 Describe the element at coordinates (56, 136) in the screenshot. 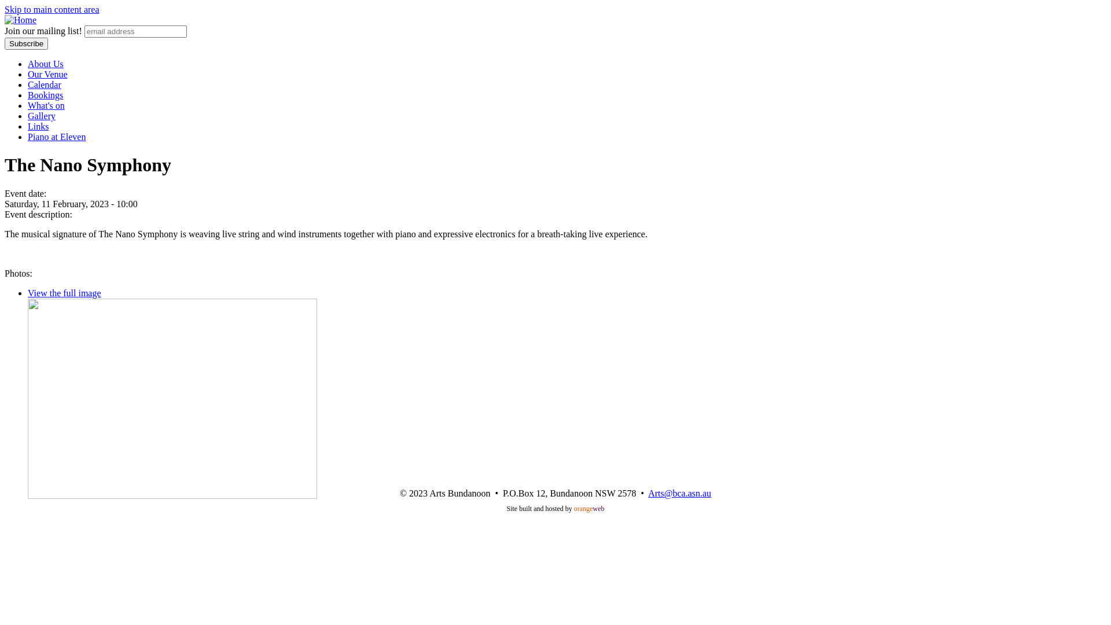

I see `'Piano at Eleven'` at that location.